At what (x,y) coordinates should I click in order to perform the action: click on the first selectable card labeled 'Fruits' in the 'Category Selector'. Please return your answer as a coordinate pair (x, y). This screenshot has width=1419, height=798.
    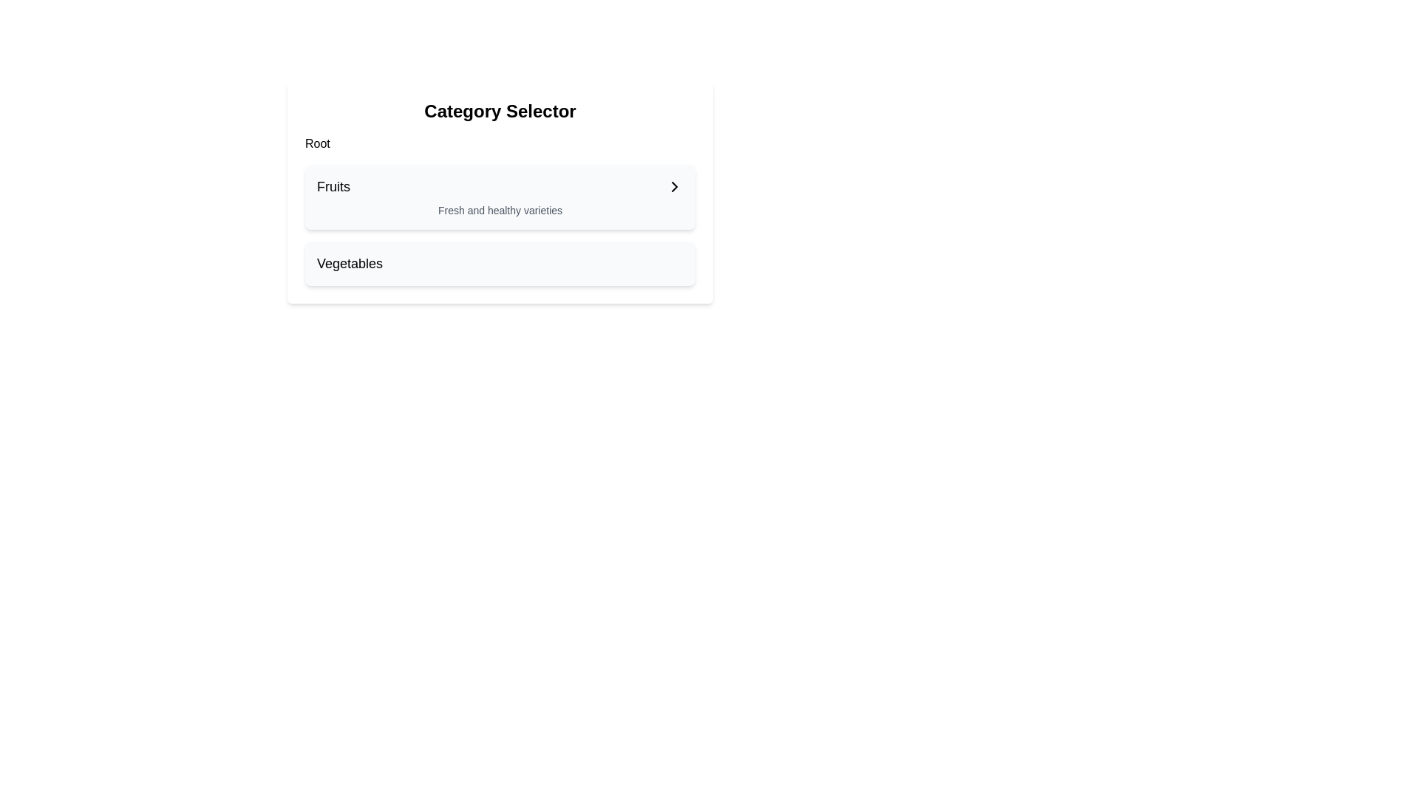
    Looking at the image, I should click on (500, 225).